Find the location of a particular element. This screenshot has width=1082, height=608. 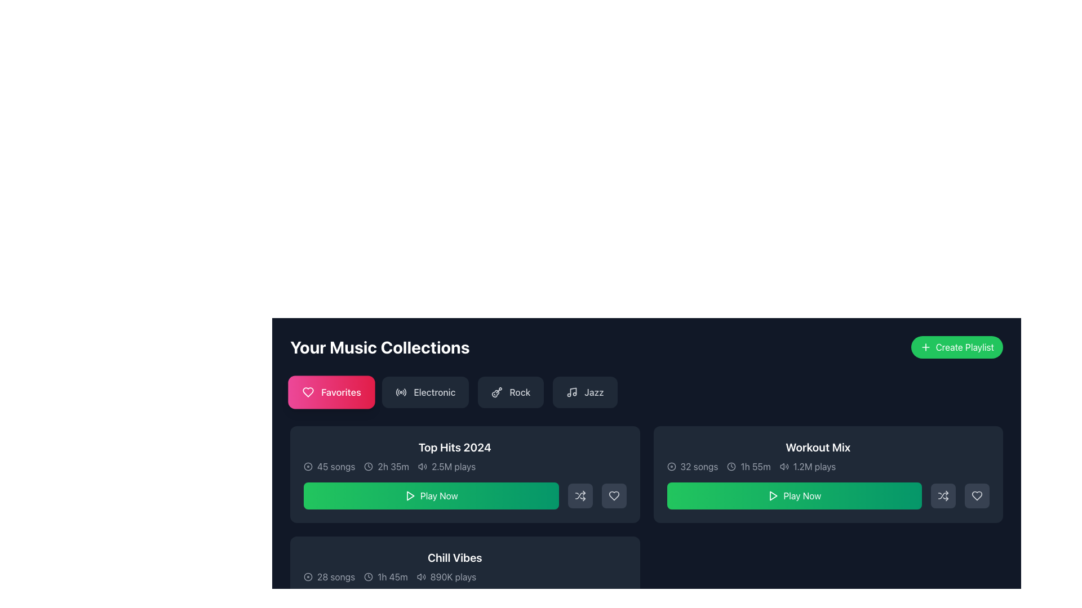

the decorative 'Favorites' icon located to the left of the text 'Favorites' in the pink button labeled 'Favorites' in the 'Your Music Collections' section is located at coordinates (308, 392).